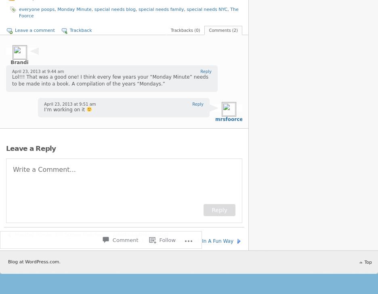 This screenshot has height=294, width=378. I want to click on 'Top', so click(364, 262).